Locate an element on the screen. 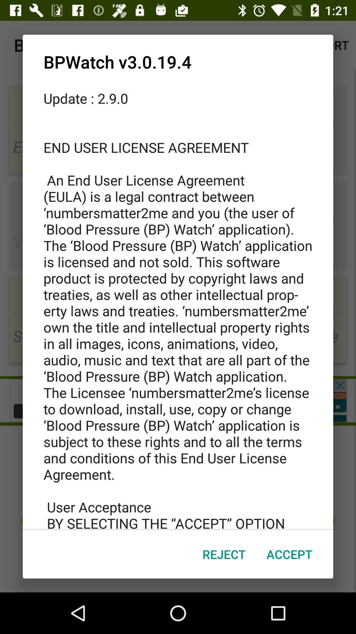 This screenshot has width=356, height=634. item to the left of the accept is located at coordinates (223, 554).